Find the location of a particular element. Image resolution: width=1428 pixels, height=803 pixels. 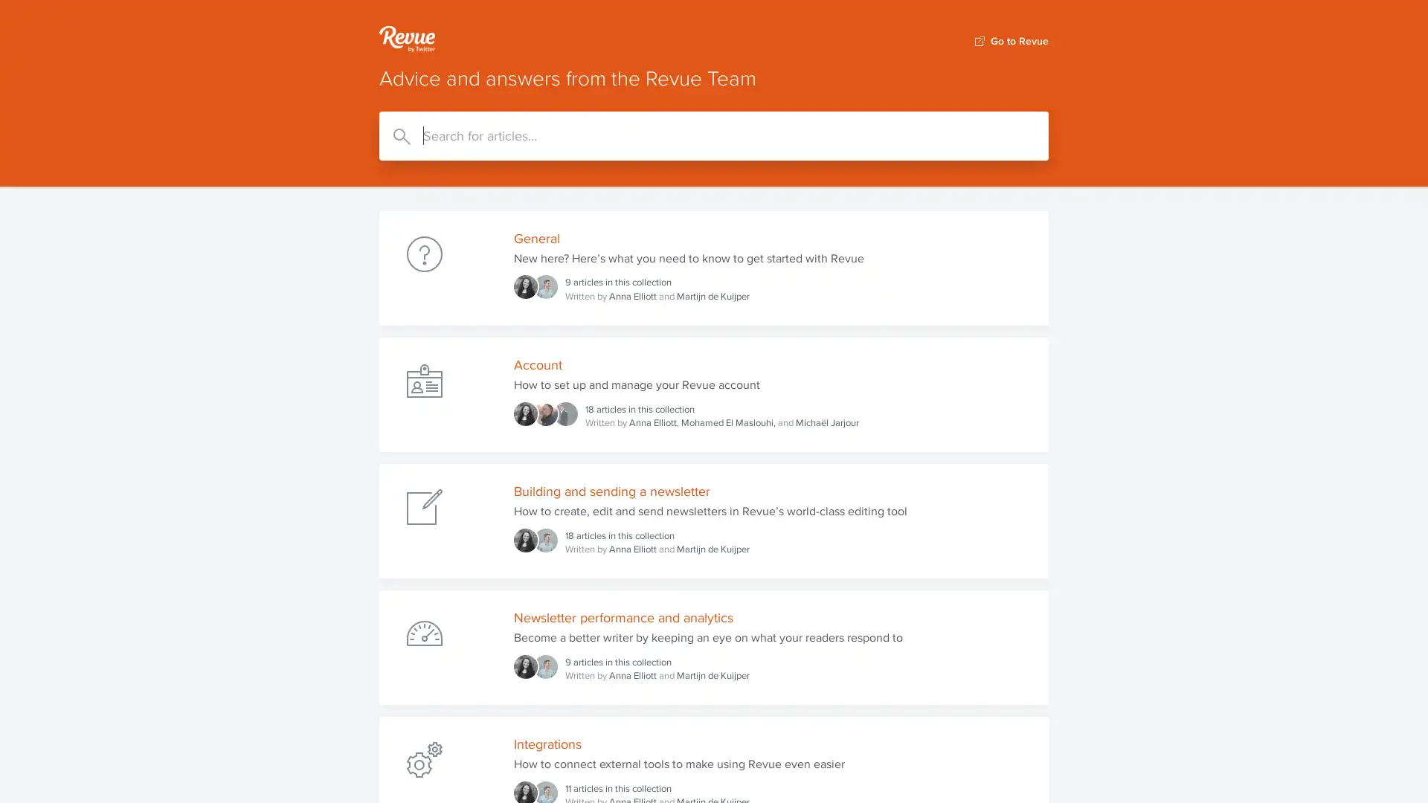

Open Intercom Messenger is located at coordinates (1390, 765).